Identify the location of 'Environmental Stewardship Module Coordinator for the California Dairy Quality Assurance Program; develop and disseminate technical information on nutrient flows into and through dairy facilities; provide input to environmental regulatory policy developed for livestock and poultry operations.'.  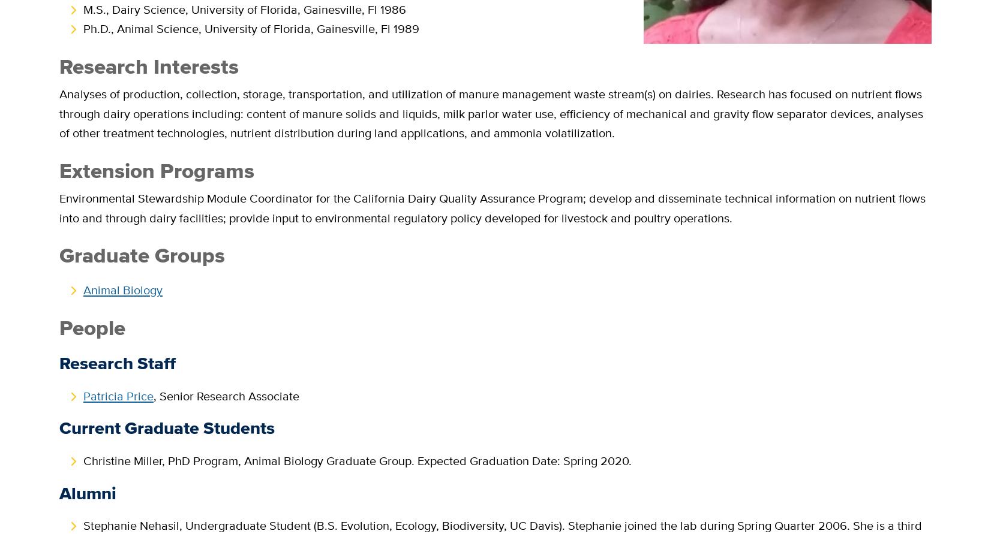
(59, 207).